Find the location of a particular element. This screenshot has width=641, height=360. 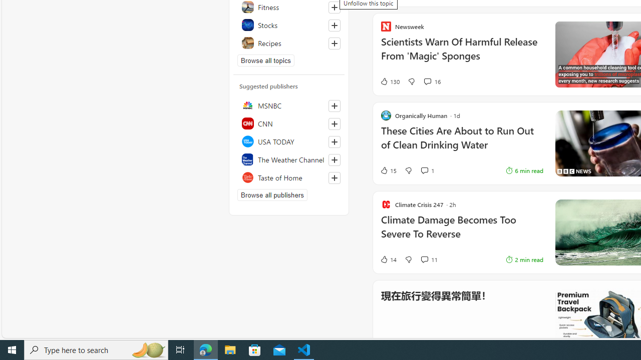

'Climate Damage Becomes Too Severe To Reverse' is located at coordinates (461, 232).